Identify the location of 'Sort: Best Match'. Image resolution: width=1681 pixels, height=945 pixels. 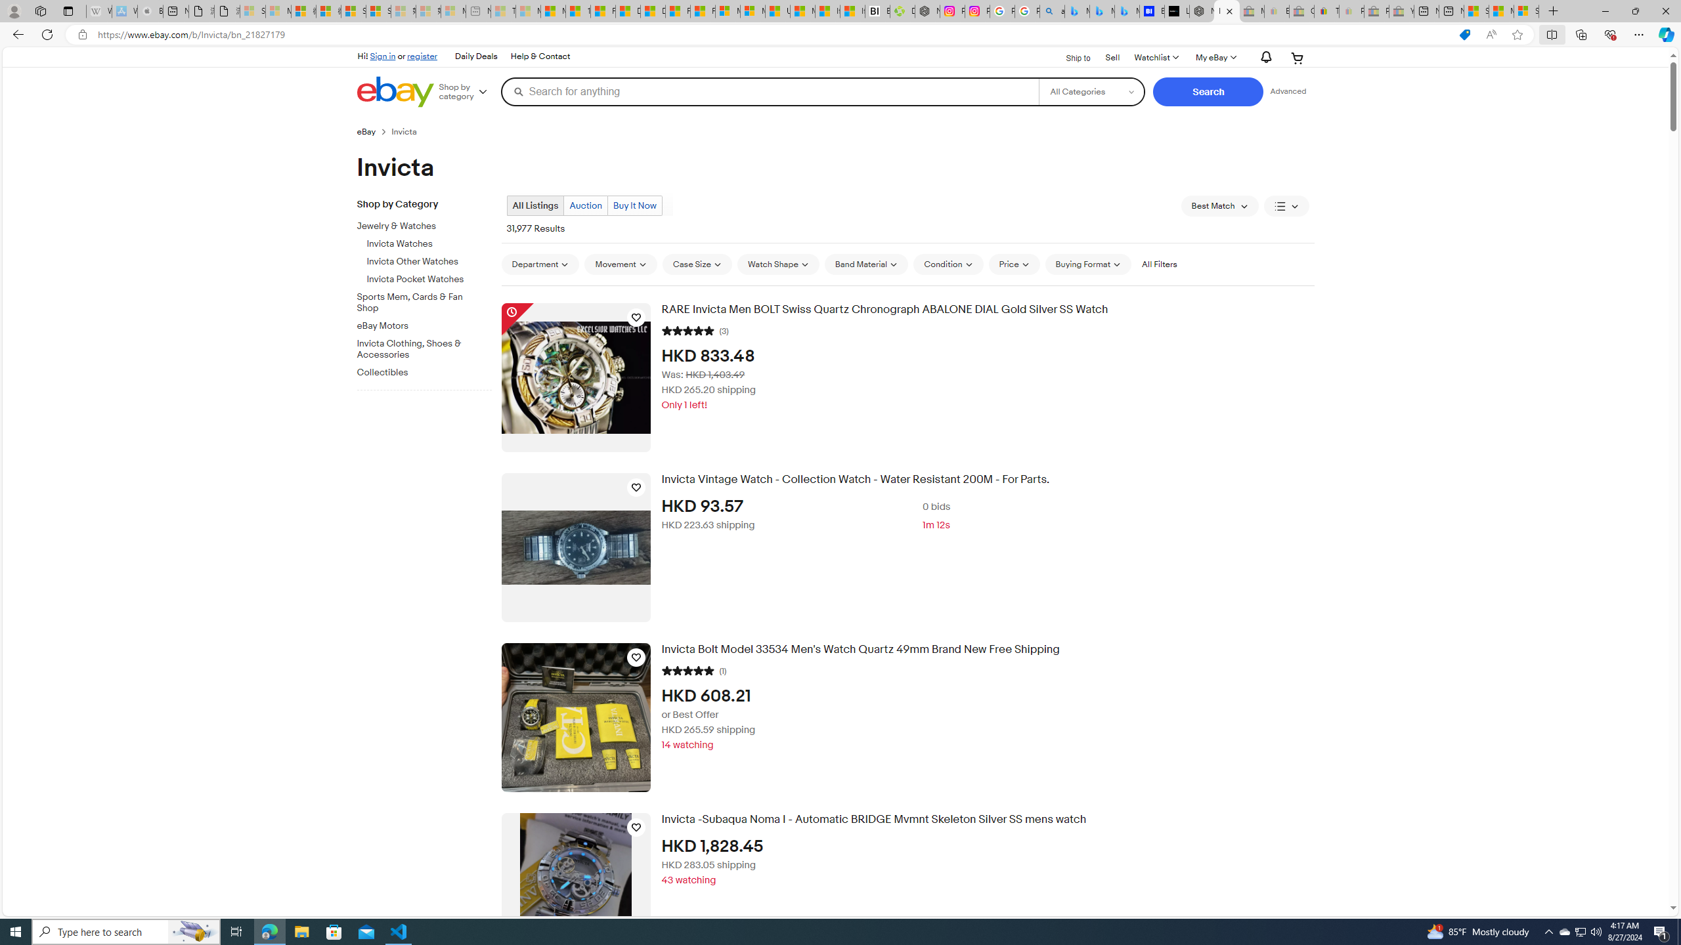
(1219, 205).